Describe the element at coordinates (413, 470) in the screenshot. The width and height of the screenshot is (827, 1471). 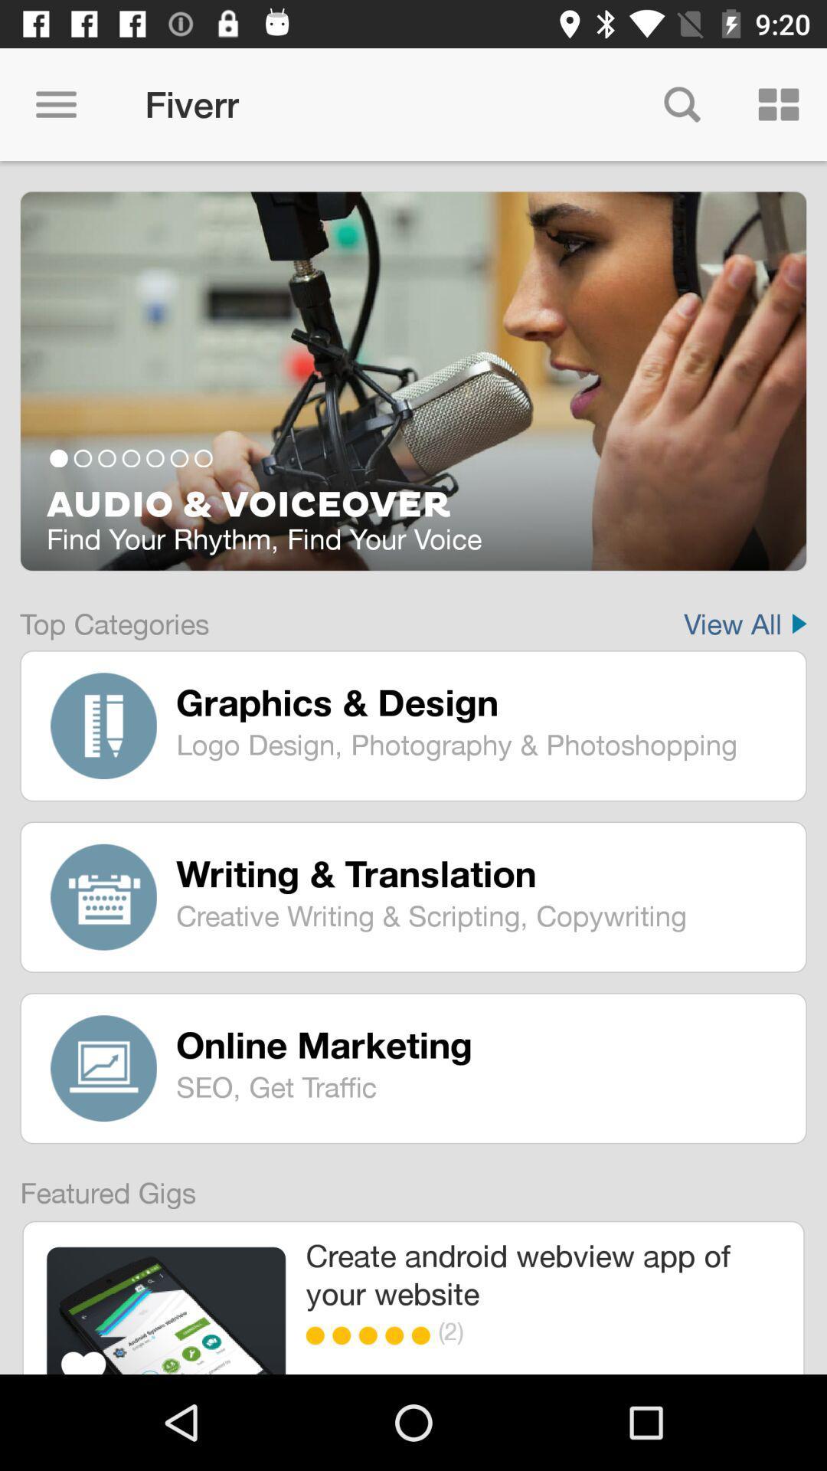
I see `the item above top categories icon` at that location.